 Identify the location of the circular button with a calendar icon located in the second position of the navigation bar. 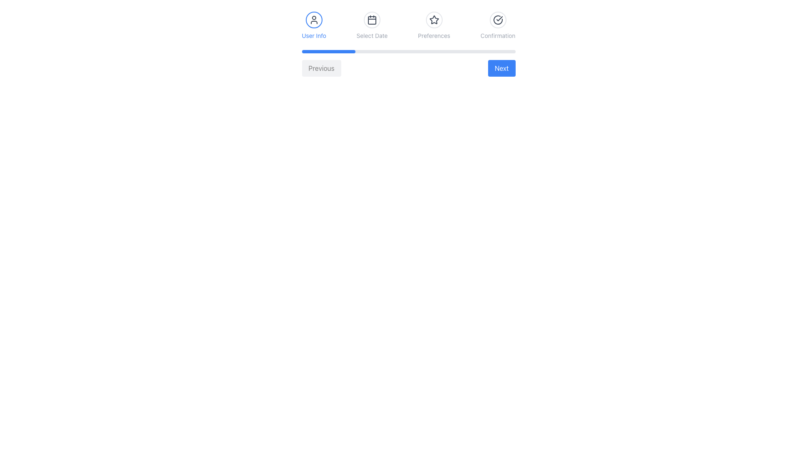
(371, 19).